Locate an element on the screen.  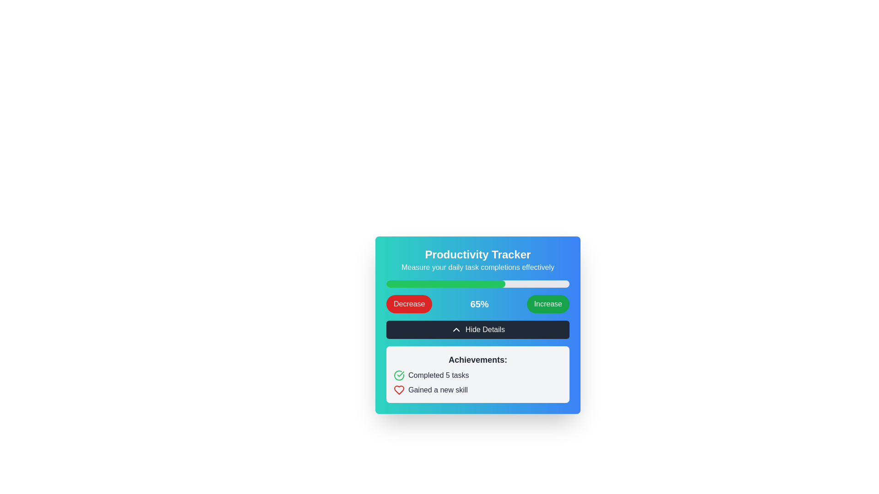
the achievement icon that signifies 'Gained a new skill' located in the Achievements section next to the corresponding text is located at coordinates (399, 390).